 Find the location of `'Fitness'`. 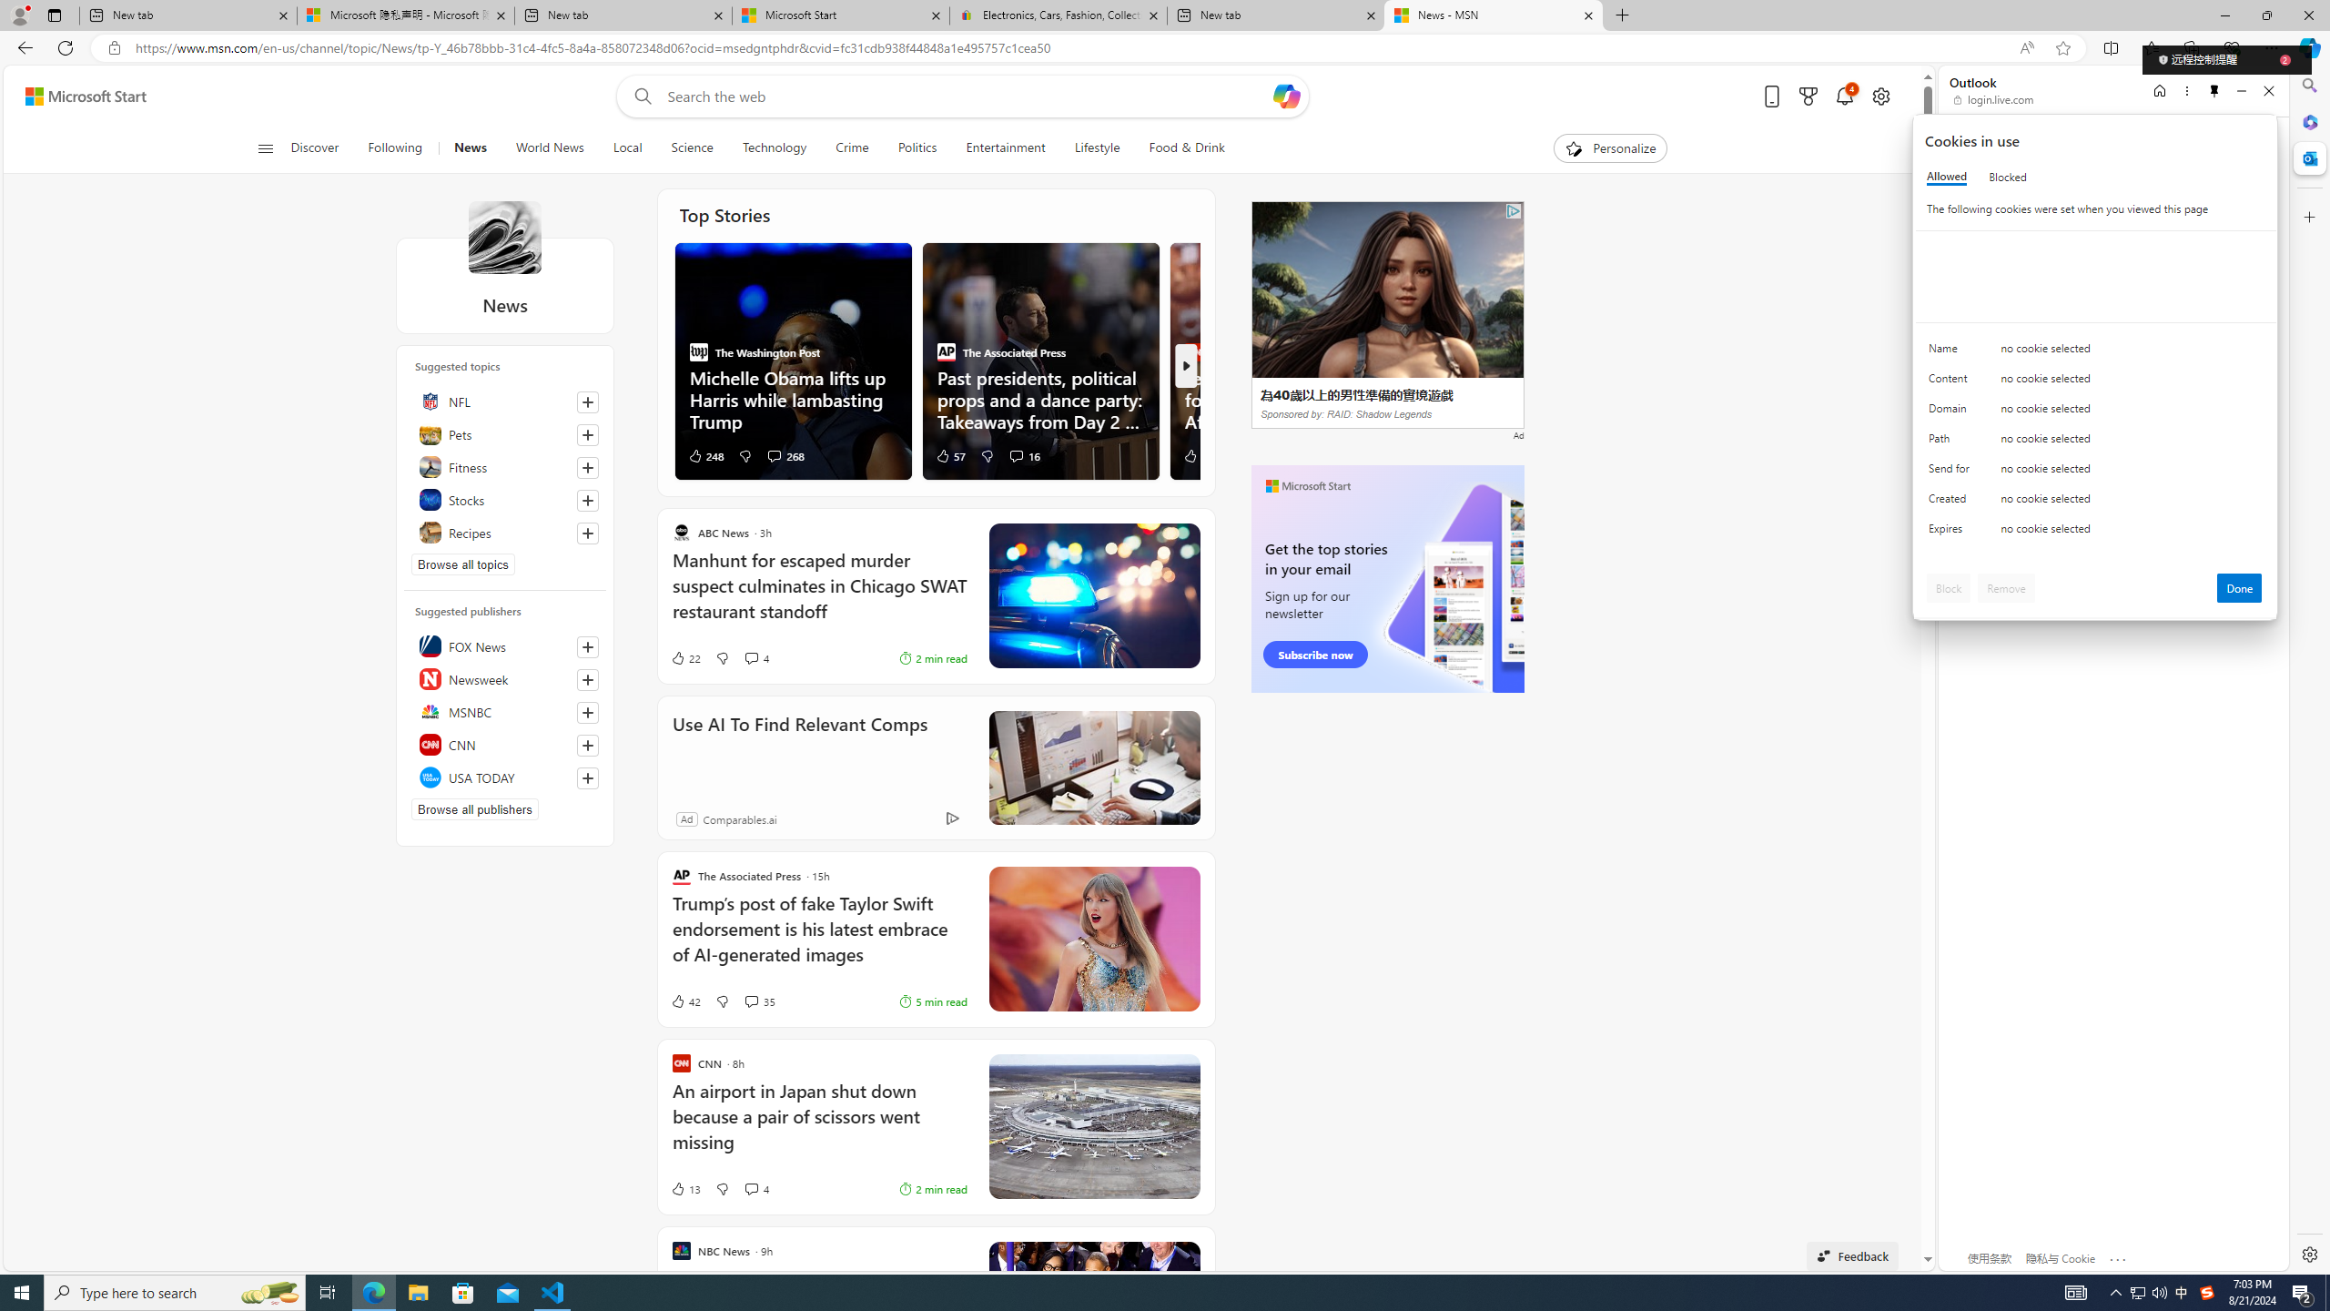

'Fitness' is located at coordinates (504, 466).